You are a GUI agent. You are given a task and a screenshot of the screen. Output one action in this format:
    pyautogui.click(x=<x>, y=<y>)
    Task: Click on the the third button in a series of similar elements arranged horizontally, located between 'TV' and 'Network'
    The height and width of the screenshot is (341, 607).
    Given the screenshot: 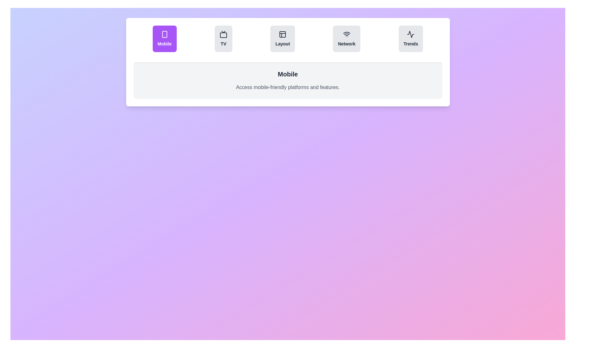 What is the action you would take?
    pyautogui.click(x=282, y=39)
    